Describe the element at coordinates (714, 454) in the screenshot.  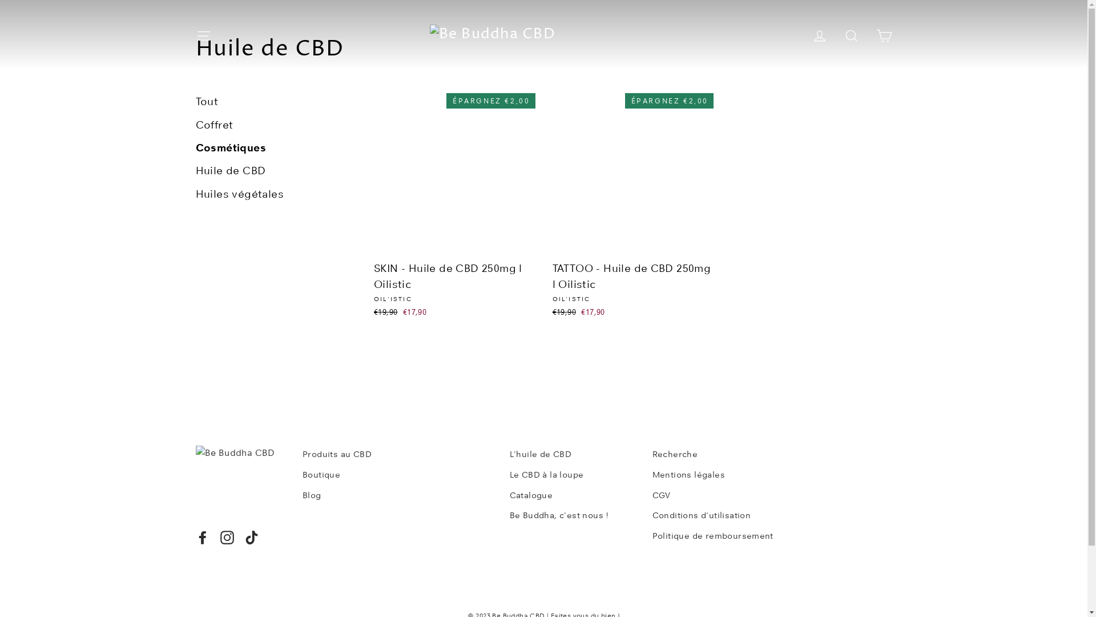
I see `'Recherche'` at that location.